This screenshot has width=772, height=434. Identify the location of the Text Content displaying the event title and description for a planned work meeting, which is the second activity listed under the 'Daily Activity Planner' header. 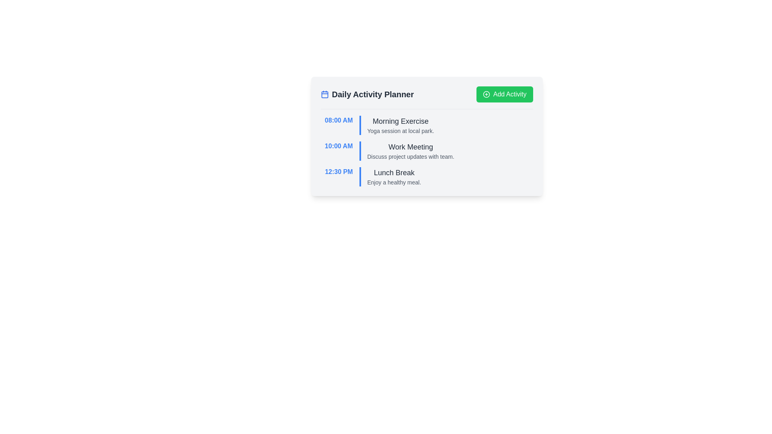
(407, 151).